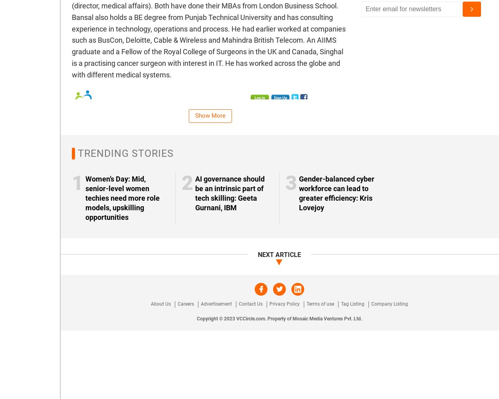 The image size is (499, 399). What do you see at coordinates (279, 318) in the screenshot?
I see `'Copyright © 2023 VCCircle.com. Property of Mosaic Media Ventures Pvt. Ltd.'` at bounding box center [279, 318].